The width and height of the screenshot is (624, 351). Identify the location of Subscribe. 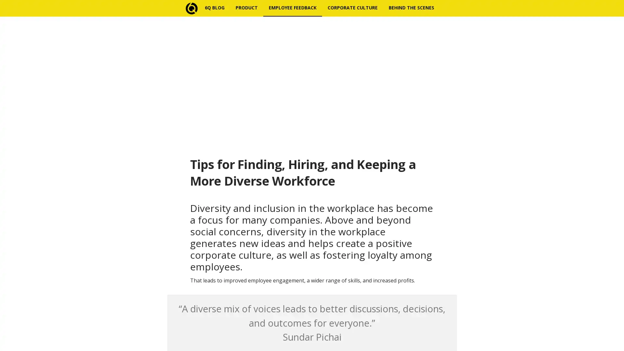
(383, 342).